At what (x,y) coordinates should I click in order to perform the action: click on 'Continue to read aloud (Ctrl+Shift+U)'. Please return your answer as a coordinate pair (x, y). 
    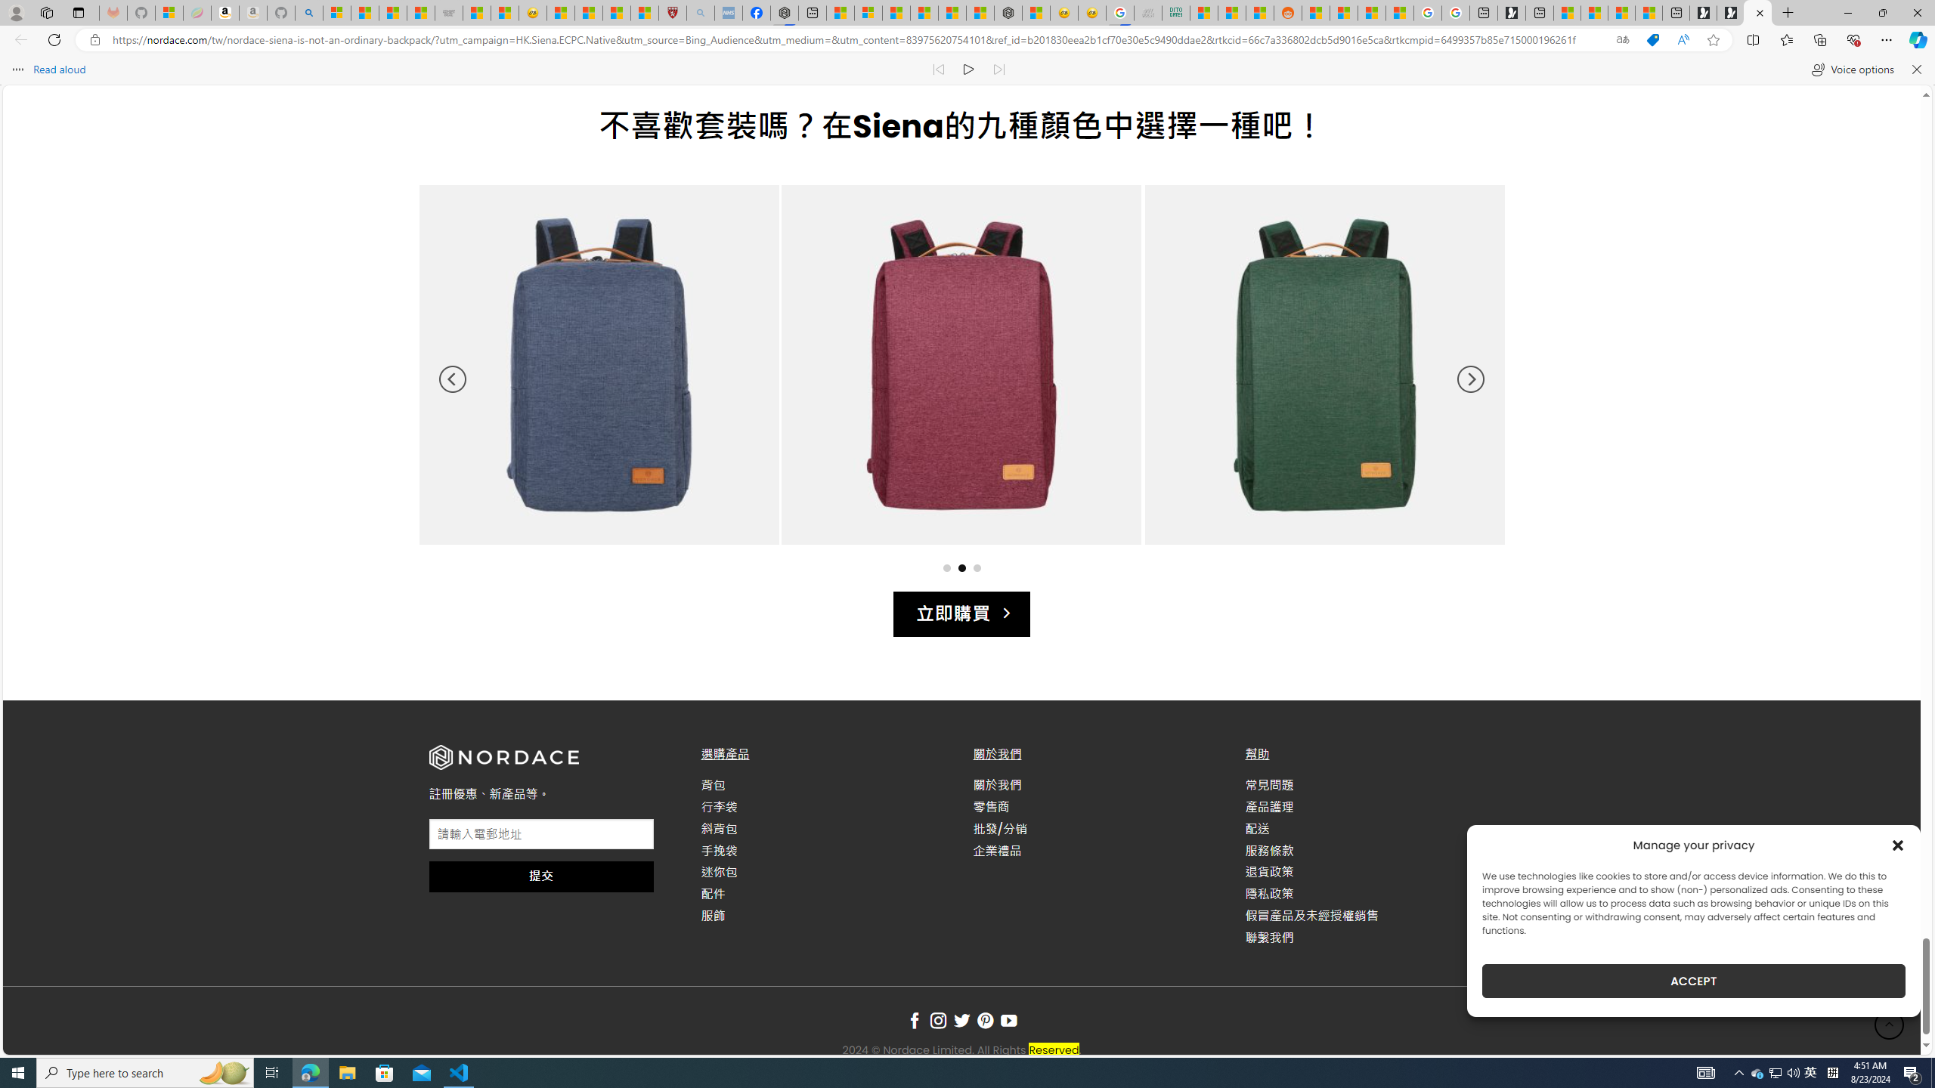
    Looking at the image, I should click on (968, 69).